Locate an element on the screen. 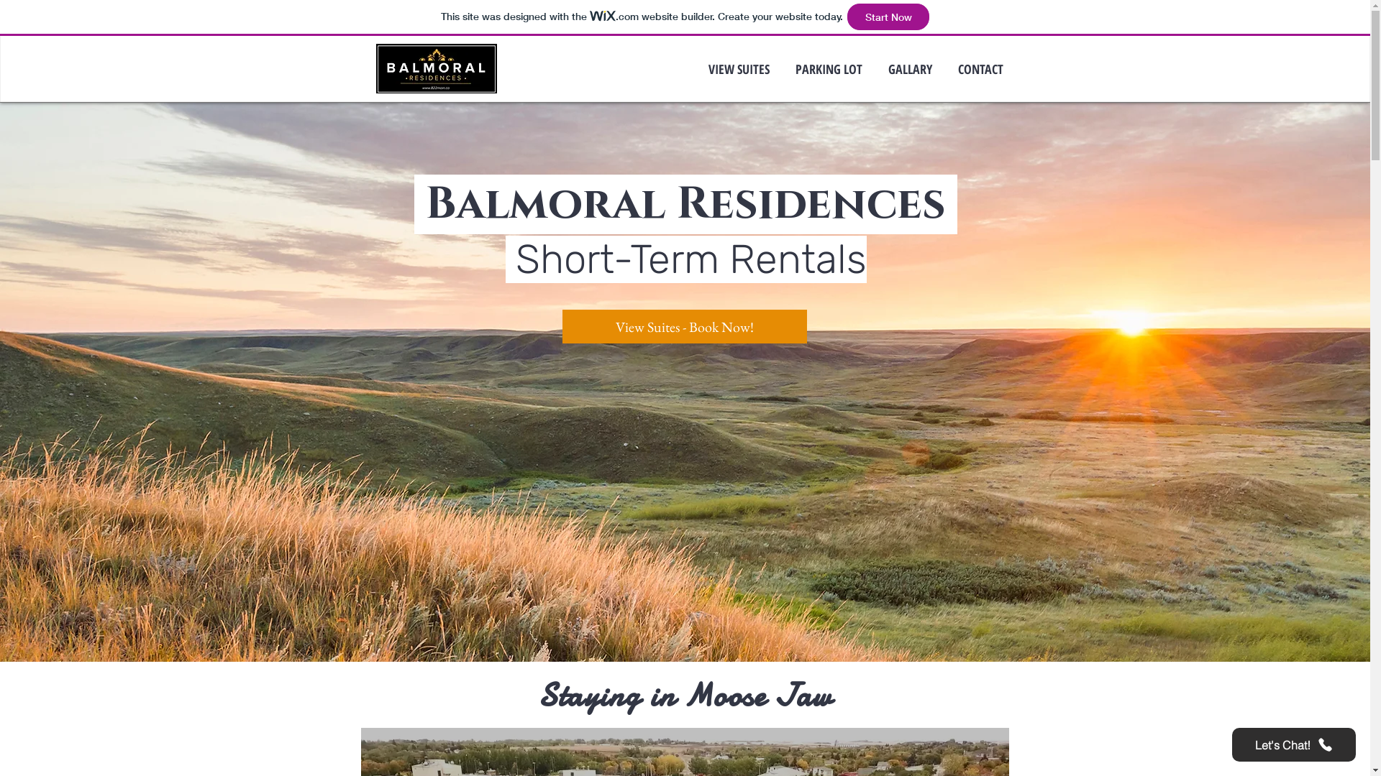 The width and height of the screenshot is (1381, 776). 'PARKING LOT' is located at coordinates (782, 69).